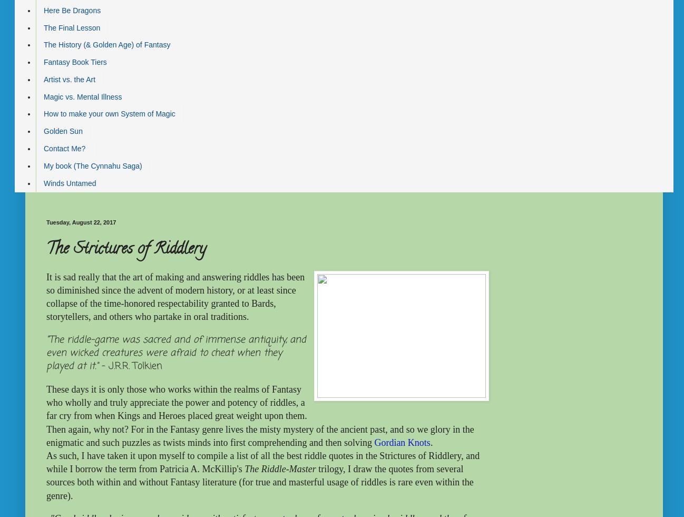  Describe the element at coordinates (262, 462) in the screenshot. I see `'As such, I have taken it upon myself to compile a list of all the best riddle quotes in the Strictures of Riddlery, and while I borrow the term from Patricia A. McKillip's'` at that location.